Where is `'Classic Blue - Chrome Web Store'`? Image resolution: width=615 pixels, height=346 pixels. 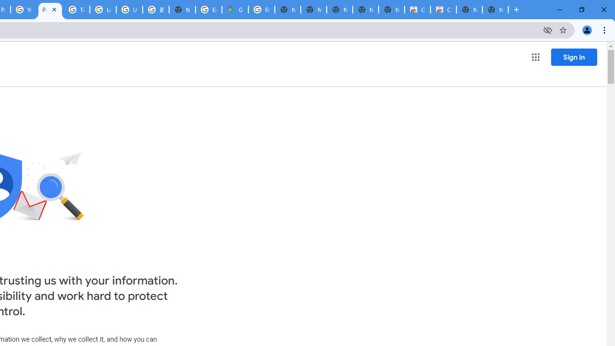 'Classic Blue - Chrome Web Store' is located at coordinates (443, 10).